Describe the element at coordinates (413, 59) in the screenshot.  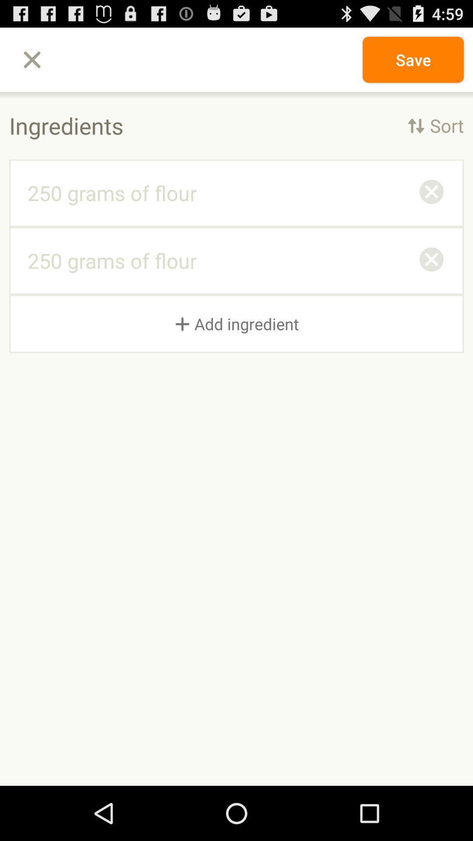
I see `the save item` at that location.